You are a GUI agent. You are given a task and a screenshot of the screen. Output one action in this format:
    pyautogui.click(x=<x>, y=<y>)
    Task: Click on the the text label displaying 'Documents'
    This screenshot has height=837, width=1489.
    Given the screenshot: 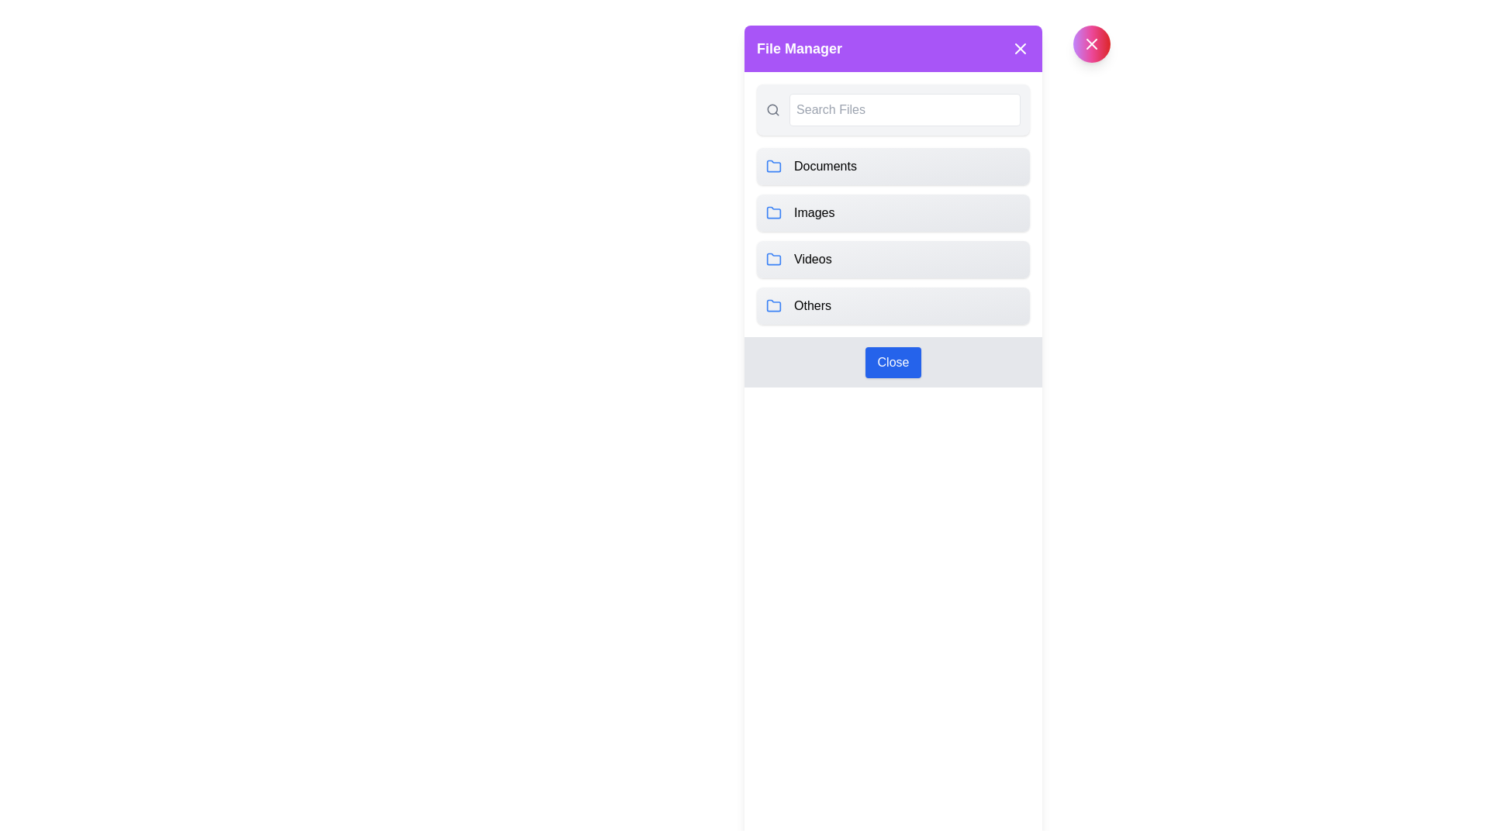 What is the action you would take?
    pyautogui.click(x=824, y=167)
    